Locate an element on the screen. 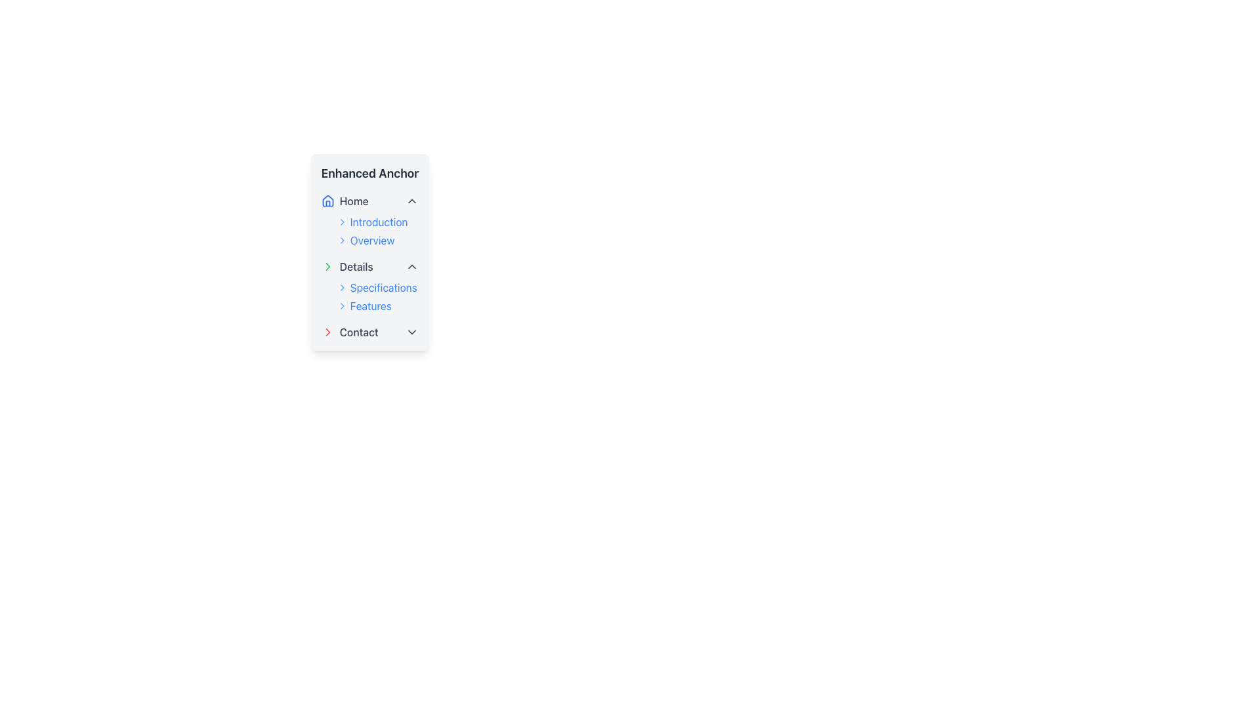 This screenshot has width=1260, height=708. the chevron-up icon located to the far-right of the 'Home' navigation item is located at coordinates (411, 201).